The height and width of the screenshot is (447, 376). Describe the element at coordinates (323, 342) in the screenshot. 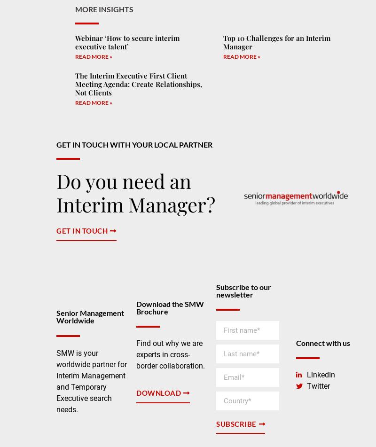

I see `'Connect with us'` at that location.